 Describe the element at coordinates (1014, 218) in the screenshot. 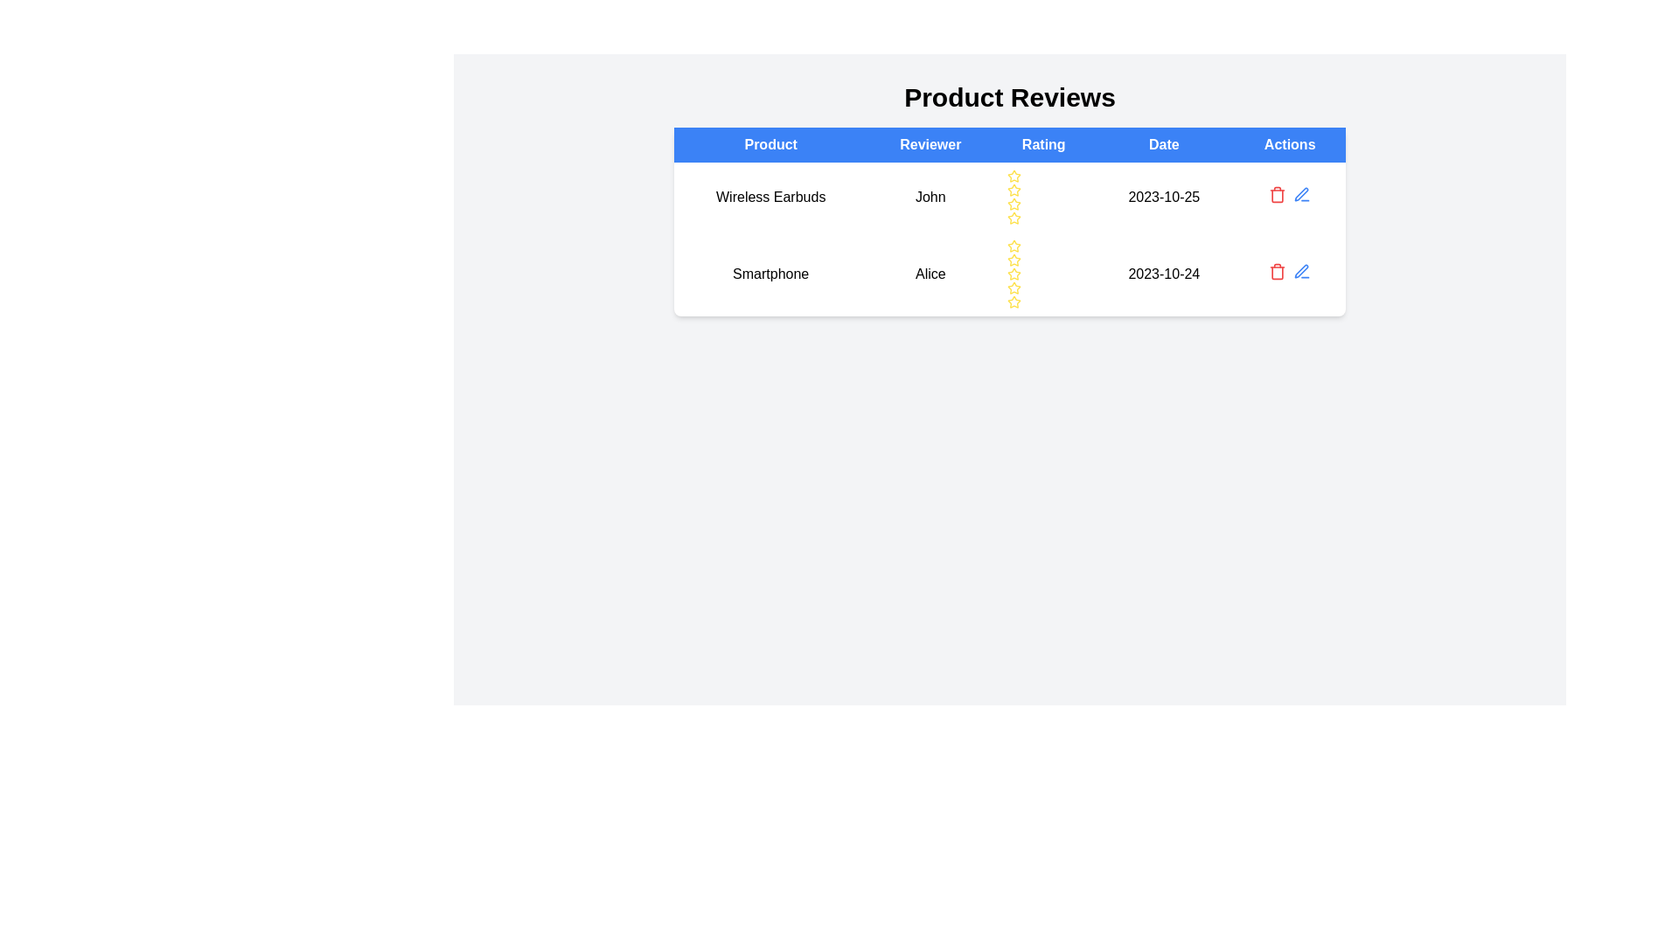

I see `the last yellow star in the rating row for John in the 'Wireless Earbuds' row within the 'Product Reviews' table, located in the 'Rating' column` at that location.